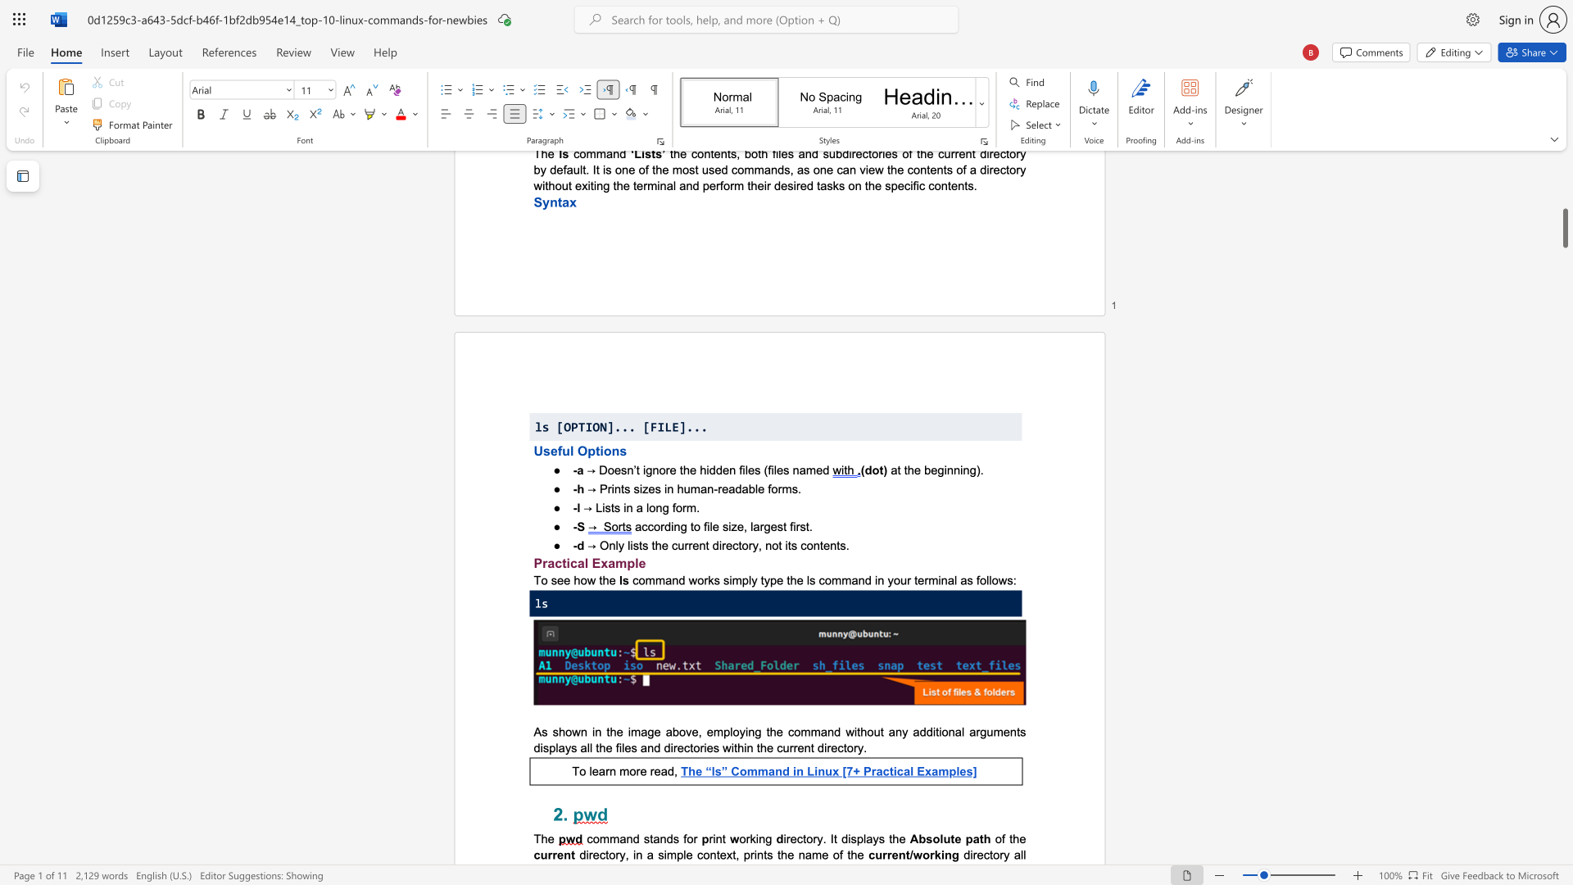 The image size is (1573, 885). Describe the element at coordinates (926, 731) in the screenshot. I see `the subset text "di" within the text "additional"` at that location.